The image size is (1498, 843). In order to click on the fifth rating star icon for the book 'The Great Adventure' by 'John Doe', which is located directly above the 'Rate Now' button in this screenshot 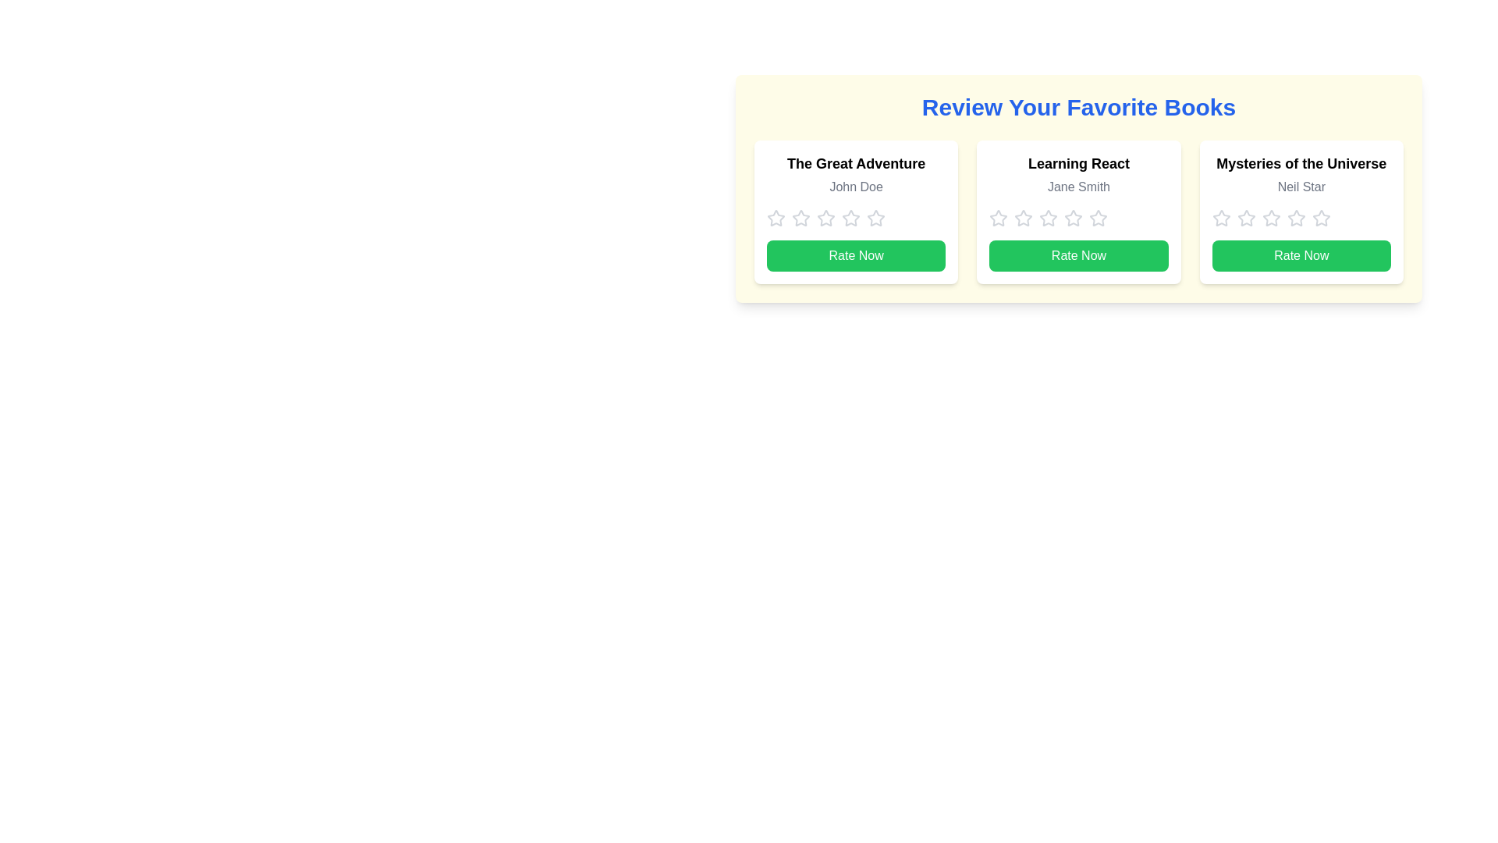, I will do `click(850, 219)`.